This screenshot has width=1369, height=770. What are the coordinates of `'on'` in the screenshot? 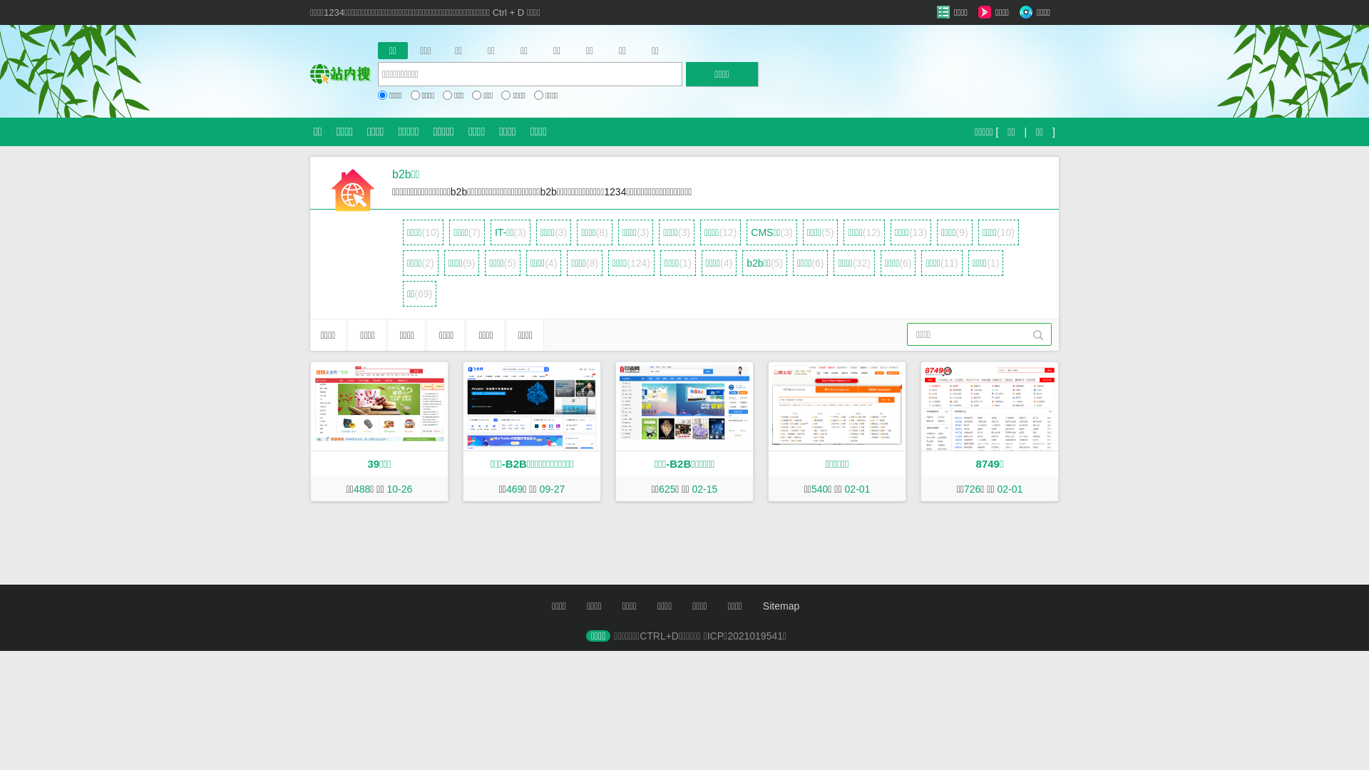 It's located at (506, 95).